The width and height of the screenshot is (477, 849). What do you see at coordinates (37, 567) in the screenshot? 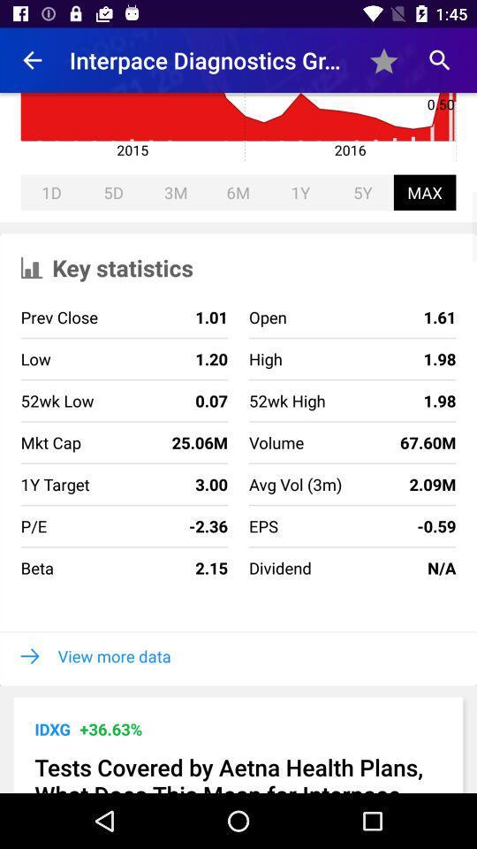
I see `beta` at bounding box center [37, 567].